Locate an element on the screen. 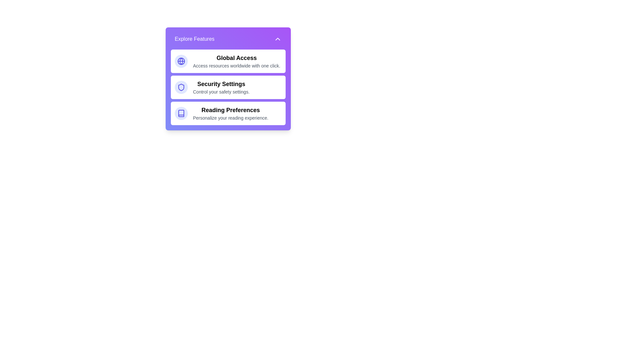 The image size is (626, 352). the circular icon with a light indigo background and a darker indigo book icon, located in the 'Reading Preferences' section under the 'Explore Features' header is located at coordinates (181, 113).